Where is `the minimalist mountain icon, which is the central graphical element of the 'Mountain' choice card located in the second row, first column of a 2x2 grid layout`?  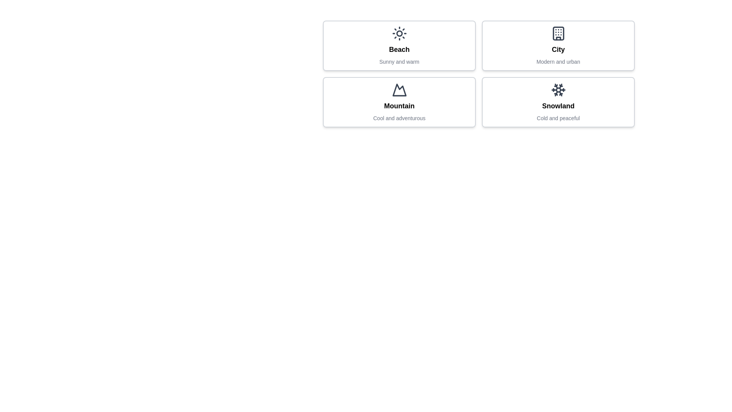
the minimalist mountain icon, which is the central graphical element of the 'Mountain' choice card located in the second row, first column of a 2x2 grid layout is located at coordinates (399, 89).